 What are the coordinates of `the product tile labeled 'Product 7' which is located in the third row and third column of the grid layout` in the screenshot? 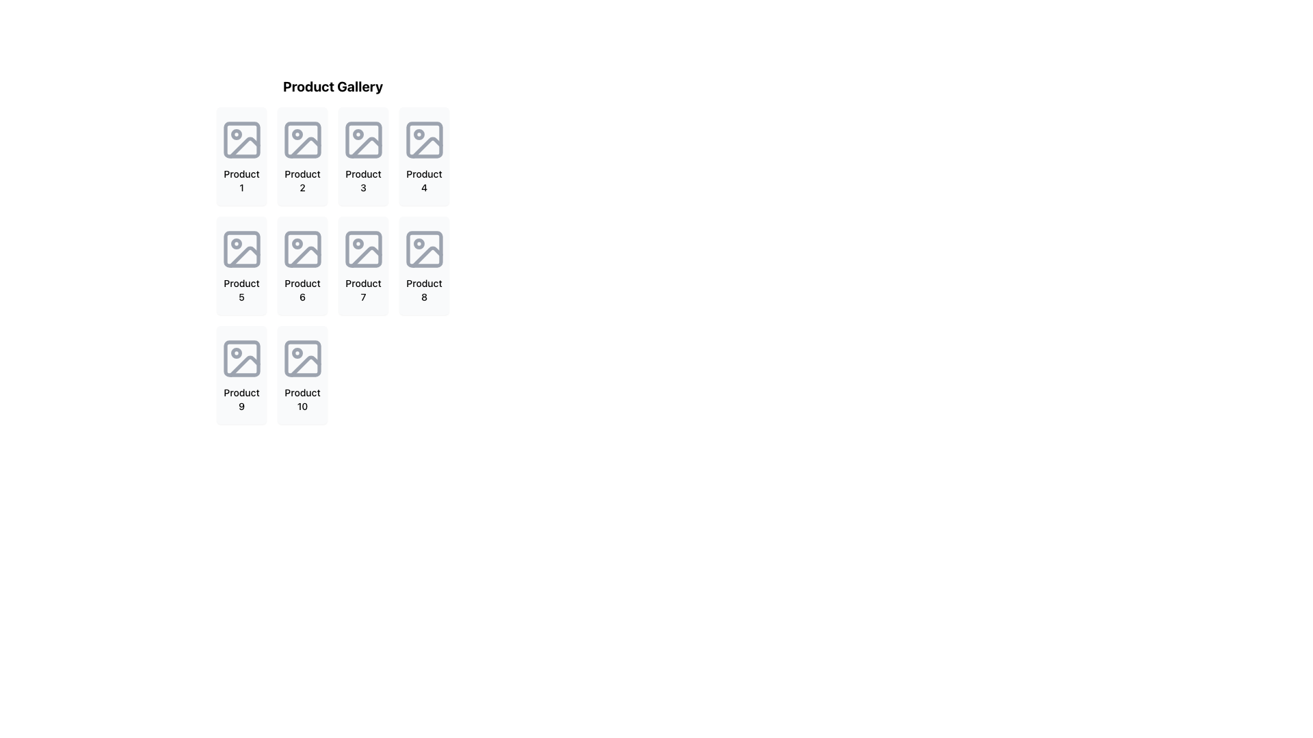 It's located at (363, 266).